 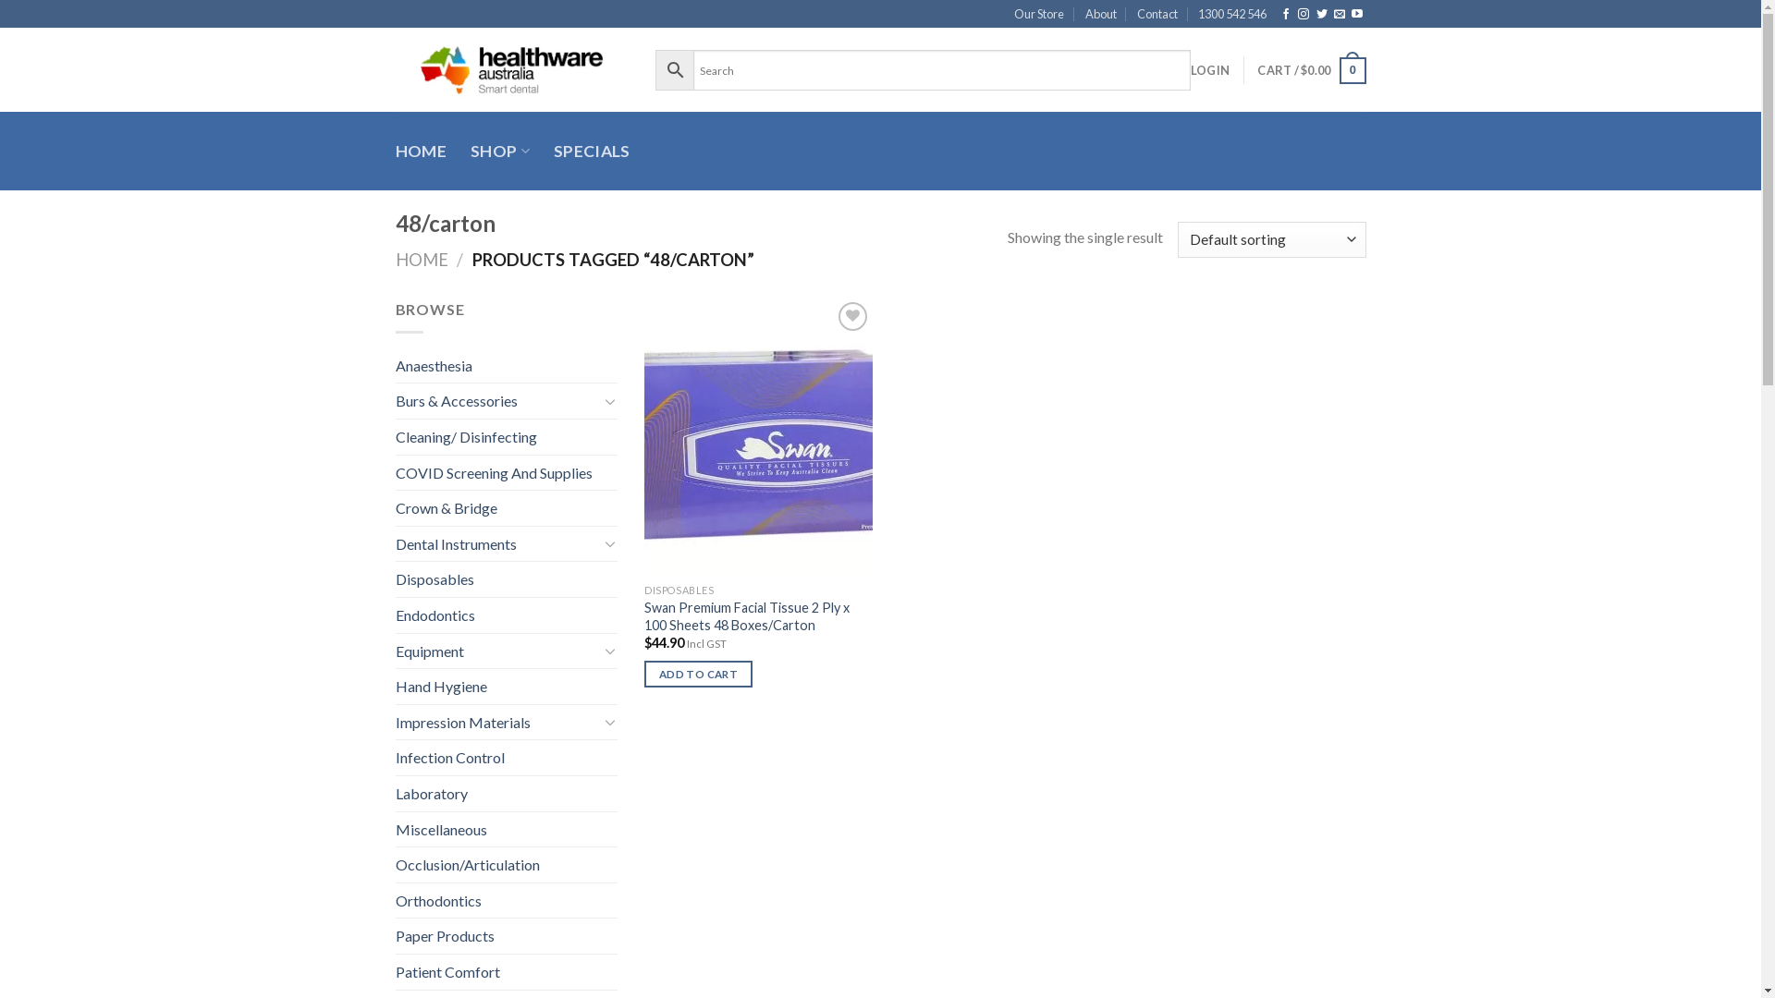 What do you see at coordinates (394, 722) in the screenshot?
I see `'Impression Materials'` at bounding box center [394, 722].